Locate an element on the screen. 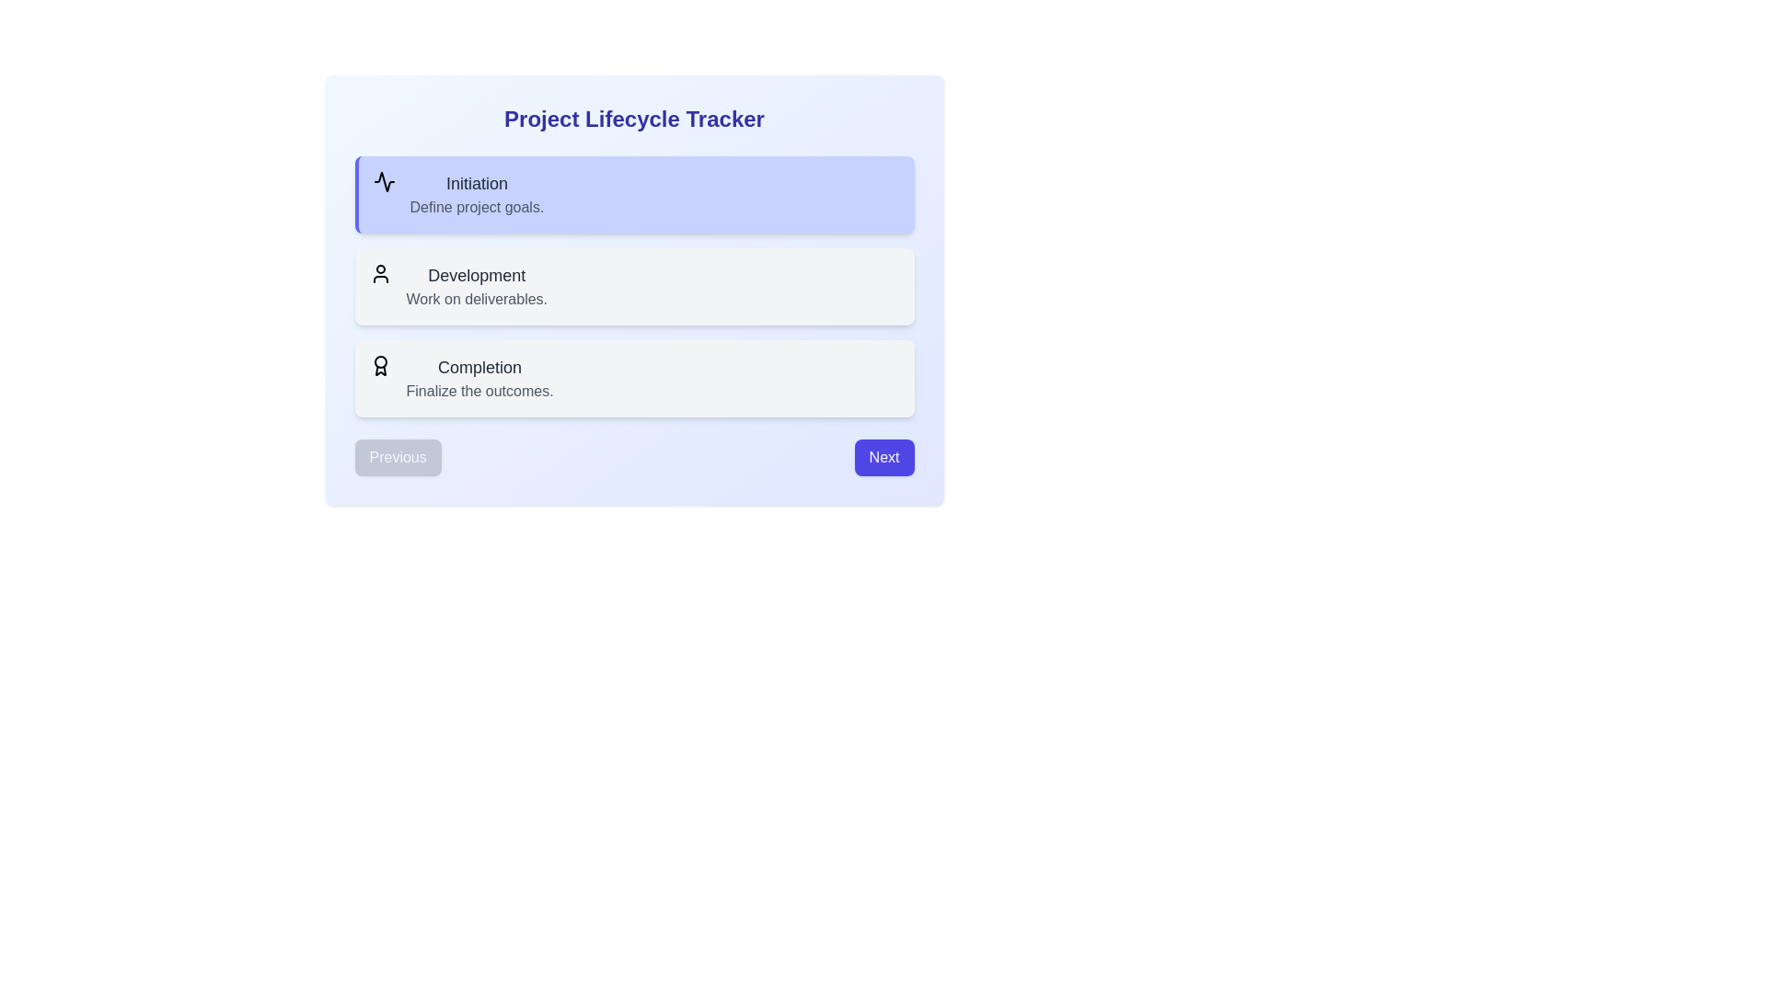 The height and width of the screenshot is (993, 1767). the achievement icon representing the 'Completion' phase located in the bottom section aligned with the text 'Completion: Finalize the outcomes' is located at coordinates (379, 371).